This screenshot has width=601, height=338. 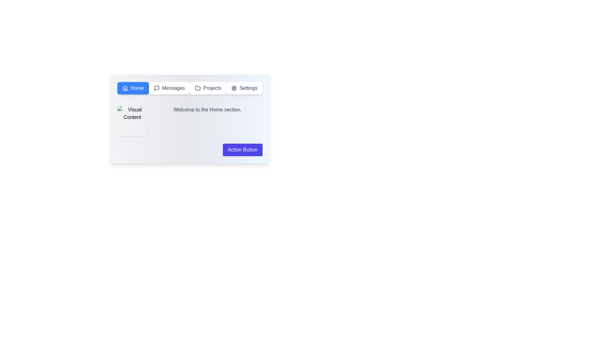 I want to click on the 'Messages' text label located in the navigation bar, so click(x=173, y=88).